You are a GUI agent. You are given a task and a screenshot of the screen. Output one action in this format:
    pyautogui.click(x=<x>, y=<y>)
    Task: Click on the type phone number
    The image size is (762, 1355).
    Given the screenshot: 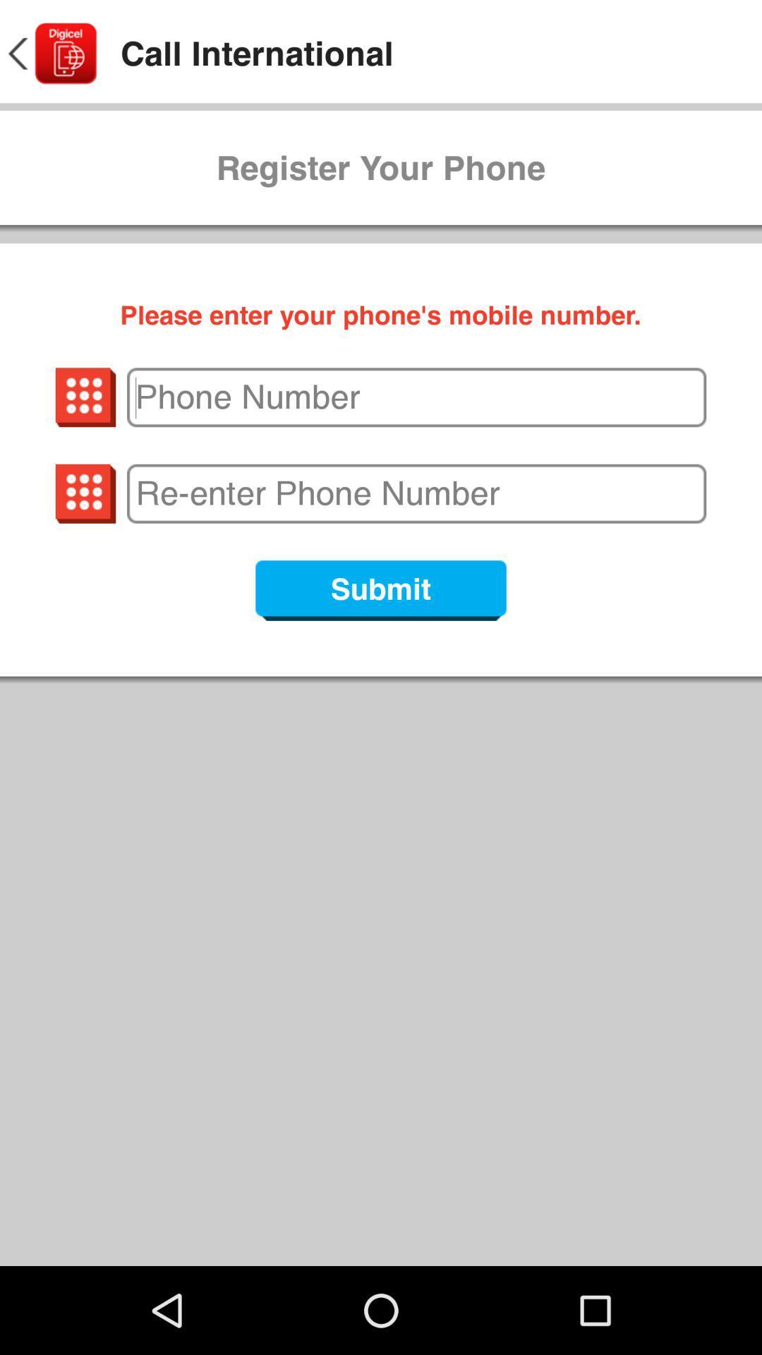 What is the action you would take?
    pyautogui.click(x=416, y=397)
    